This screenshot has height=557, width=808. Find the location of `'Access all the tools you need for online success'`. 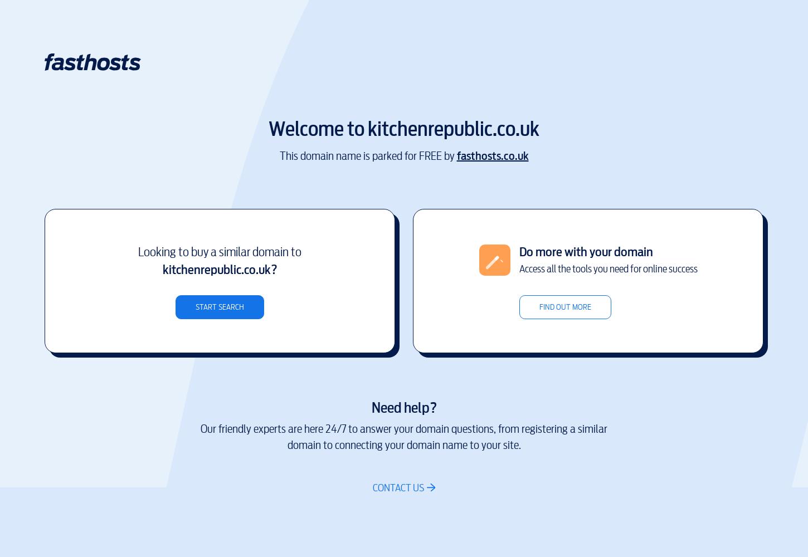

'Access all the tools you need for online success' is located at coordinates (607, 268).